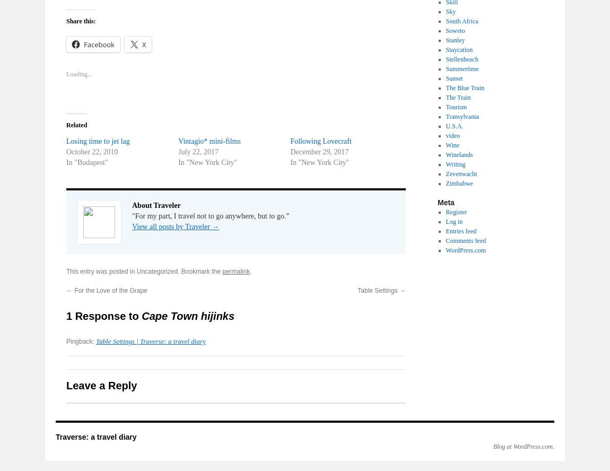 This screenshot has width=610, height=471. What do you see at coordinates (445, 97) in the screenshot?
I see `'The Train'` at bounding box center [445, 97].